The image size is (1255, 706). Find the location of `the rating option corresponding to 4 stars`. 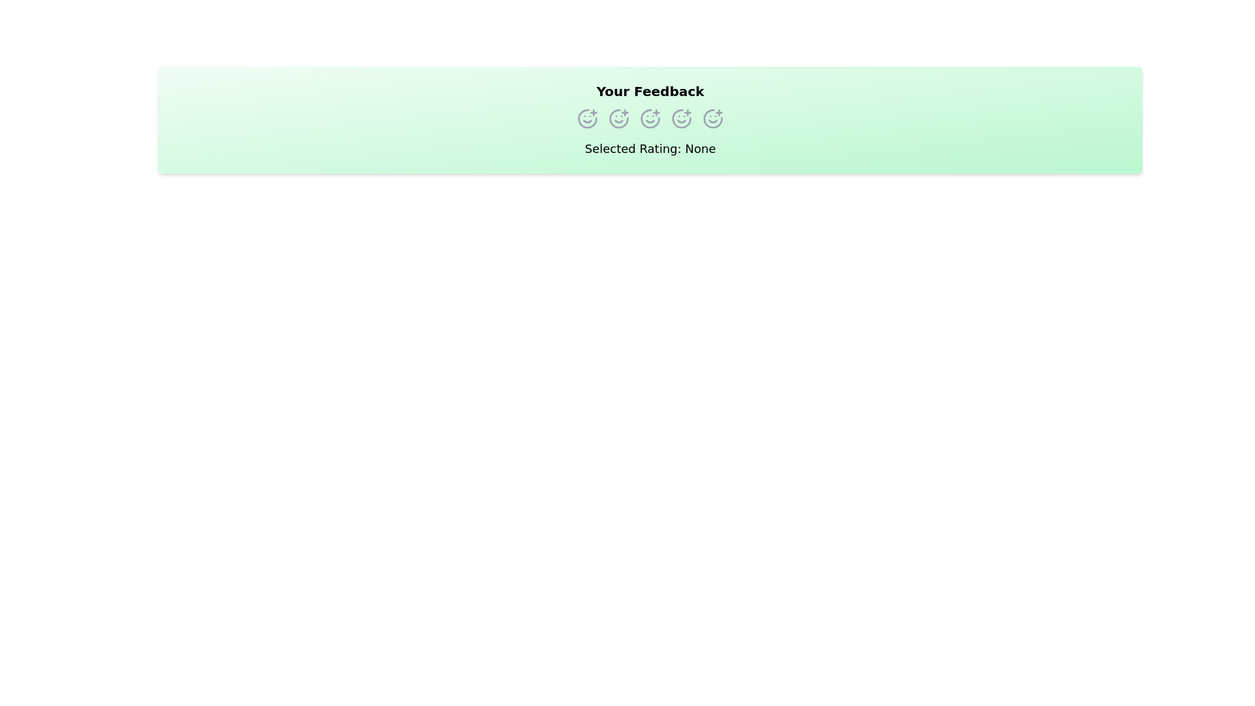

the rating option corresponding to 4 stars is located at coordinates (680, 118).